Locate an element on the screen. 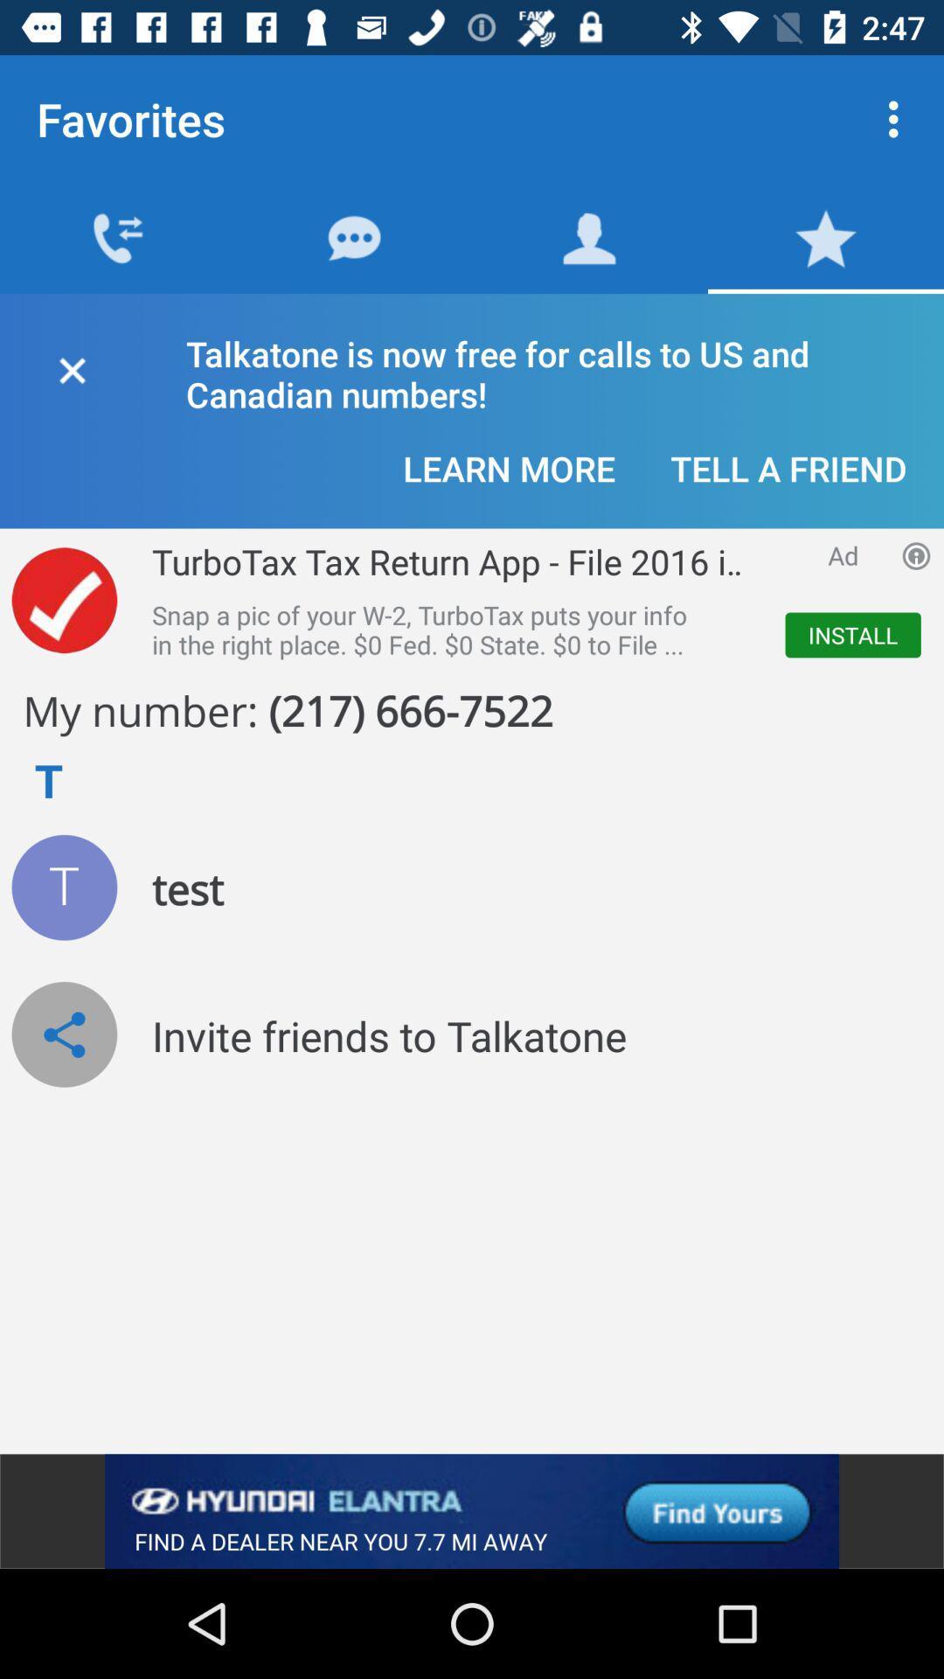  the close icon is located at coordinates (71, 366).